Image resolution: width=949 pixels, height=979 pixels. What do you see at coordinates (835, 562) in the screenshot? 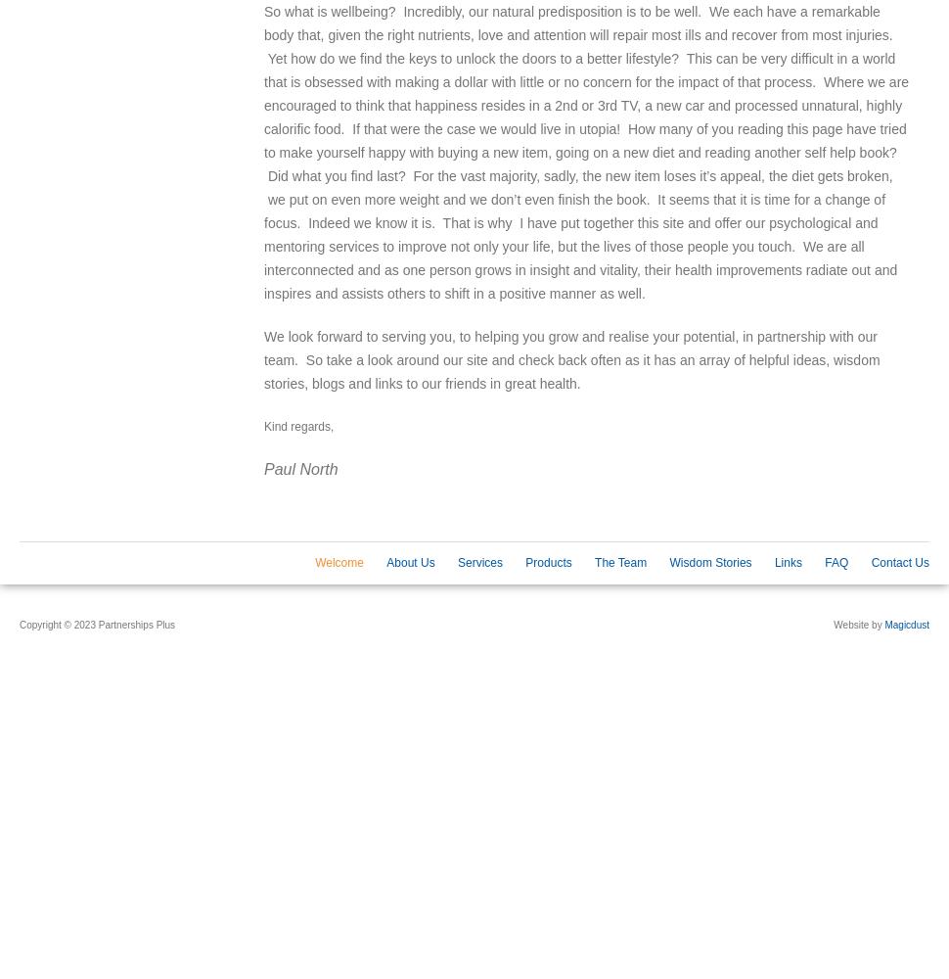
I see `'FAQ'` at bounding box center [835, 562].